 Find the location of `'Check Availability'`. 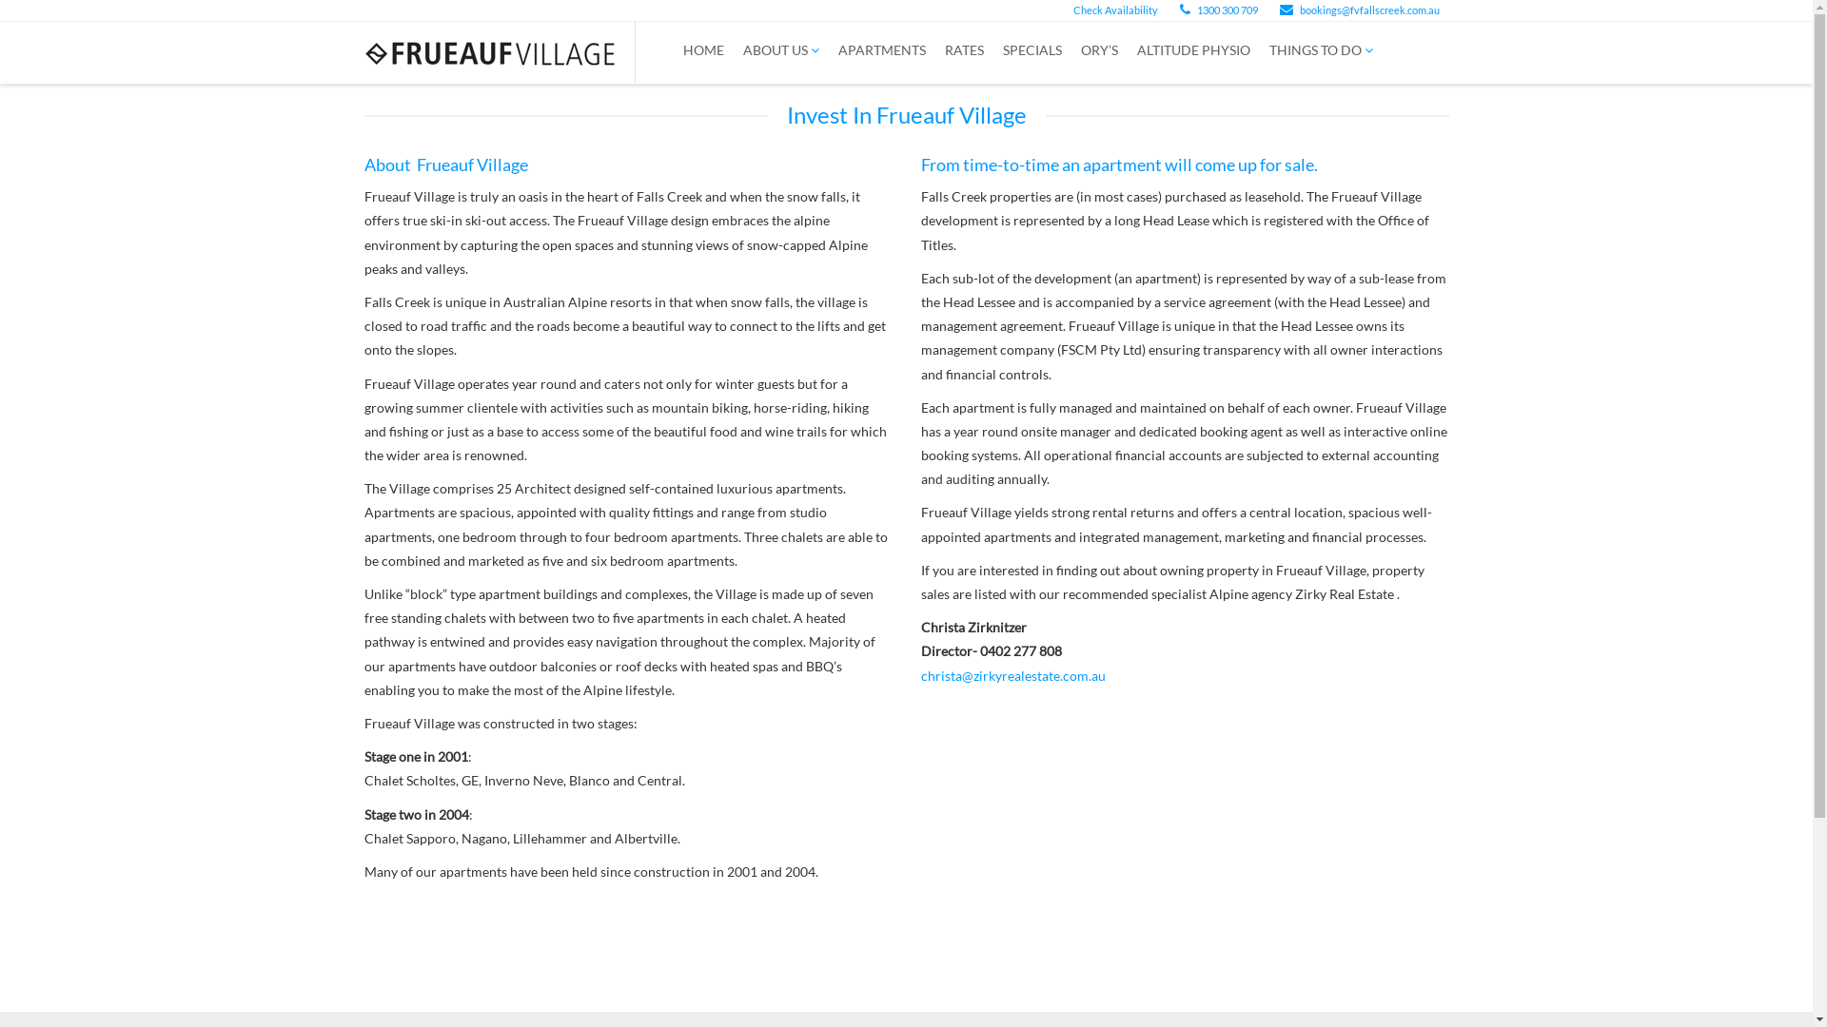

'Check Availability' is located at coordinates (1064, 10).